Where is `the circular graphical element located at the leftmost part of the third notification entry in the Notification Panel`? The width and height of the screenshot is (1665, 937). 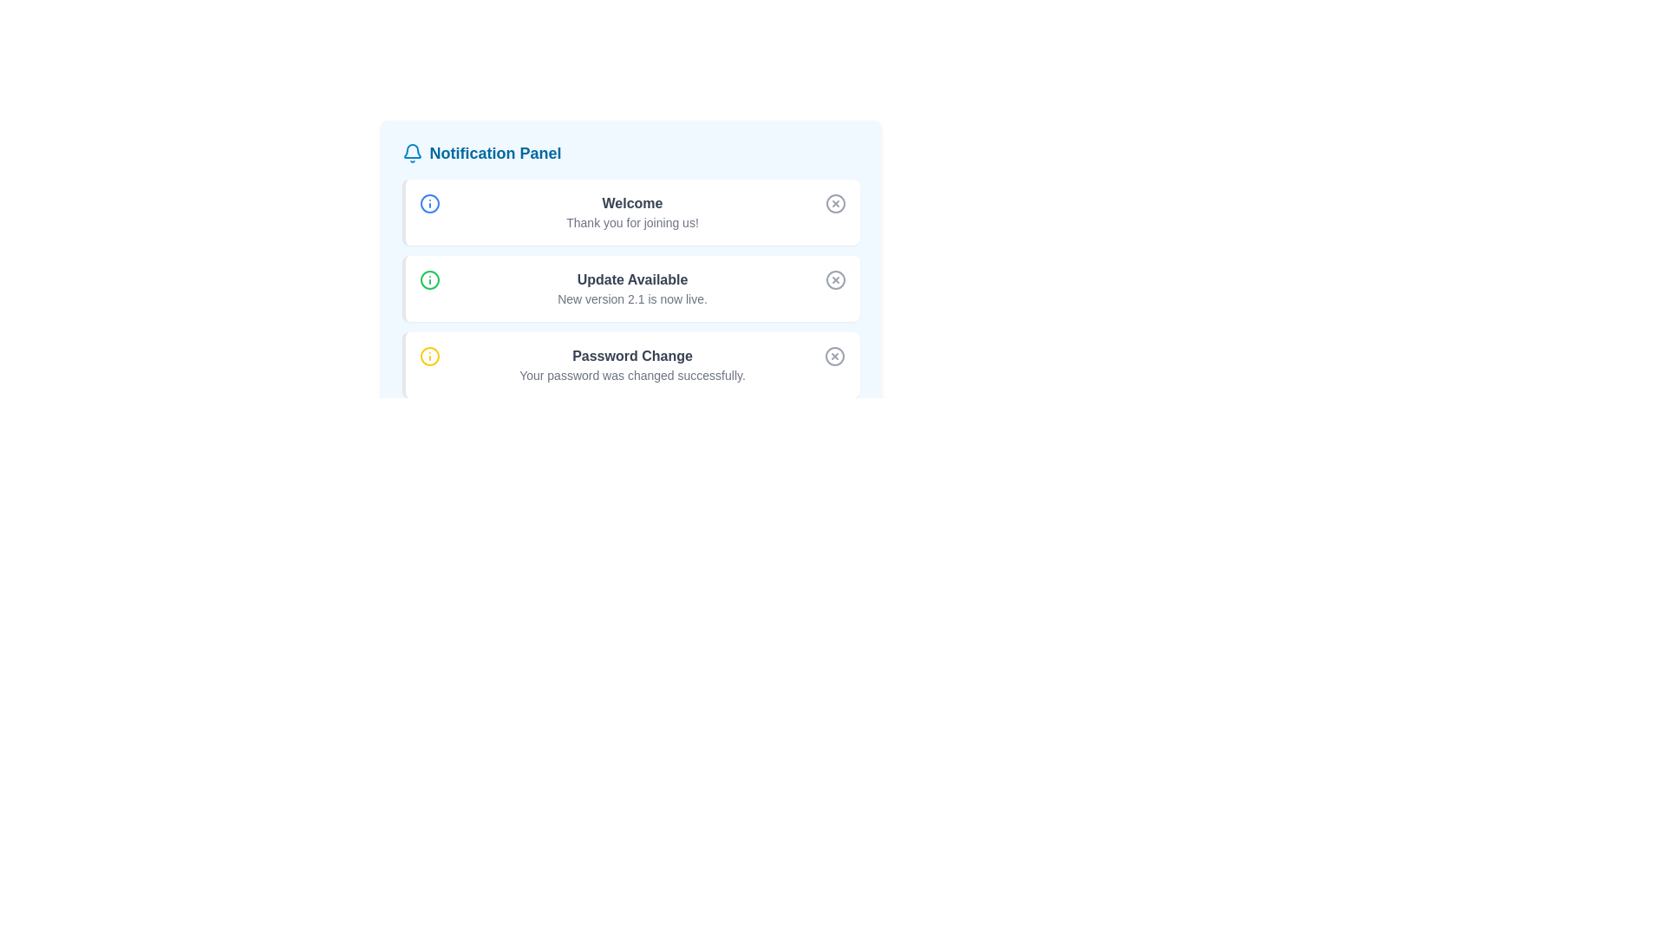 the circular graphical element located at the leftmost part of the third notification entry in the Notification Panel is located at coordinates (429, 356).